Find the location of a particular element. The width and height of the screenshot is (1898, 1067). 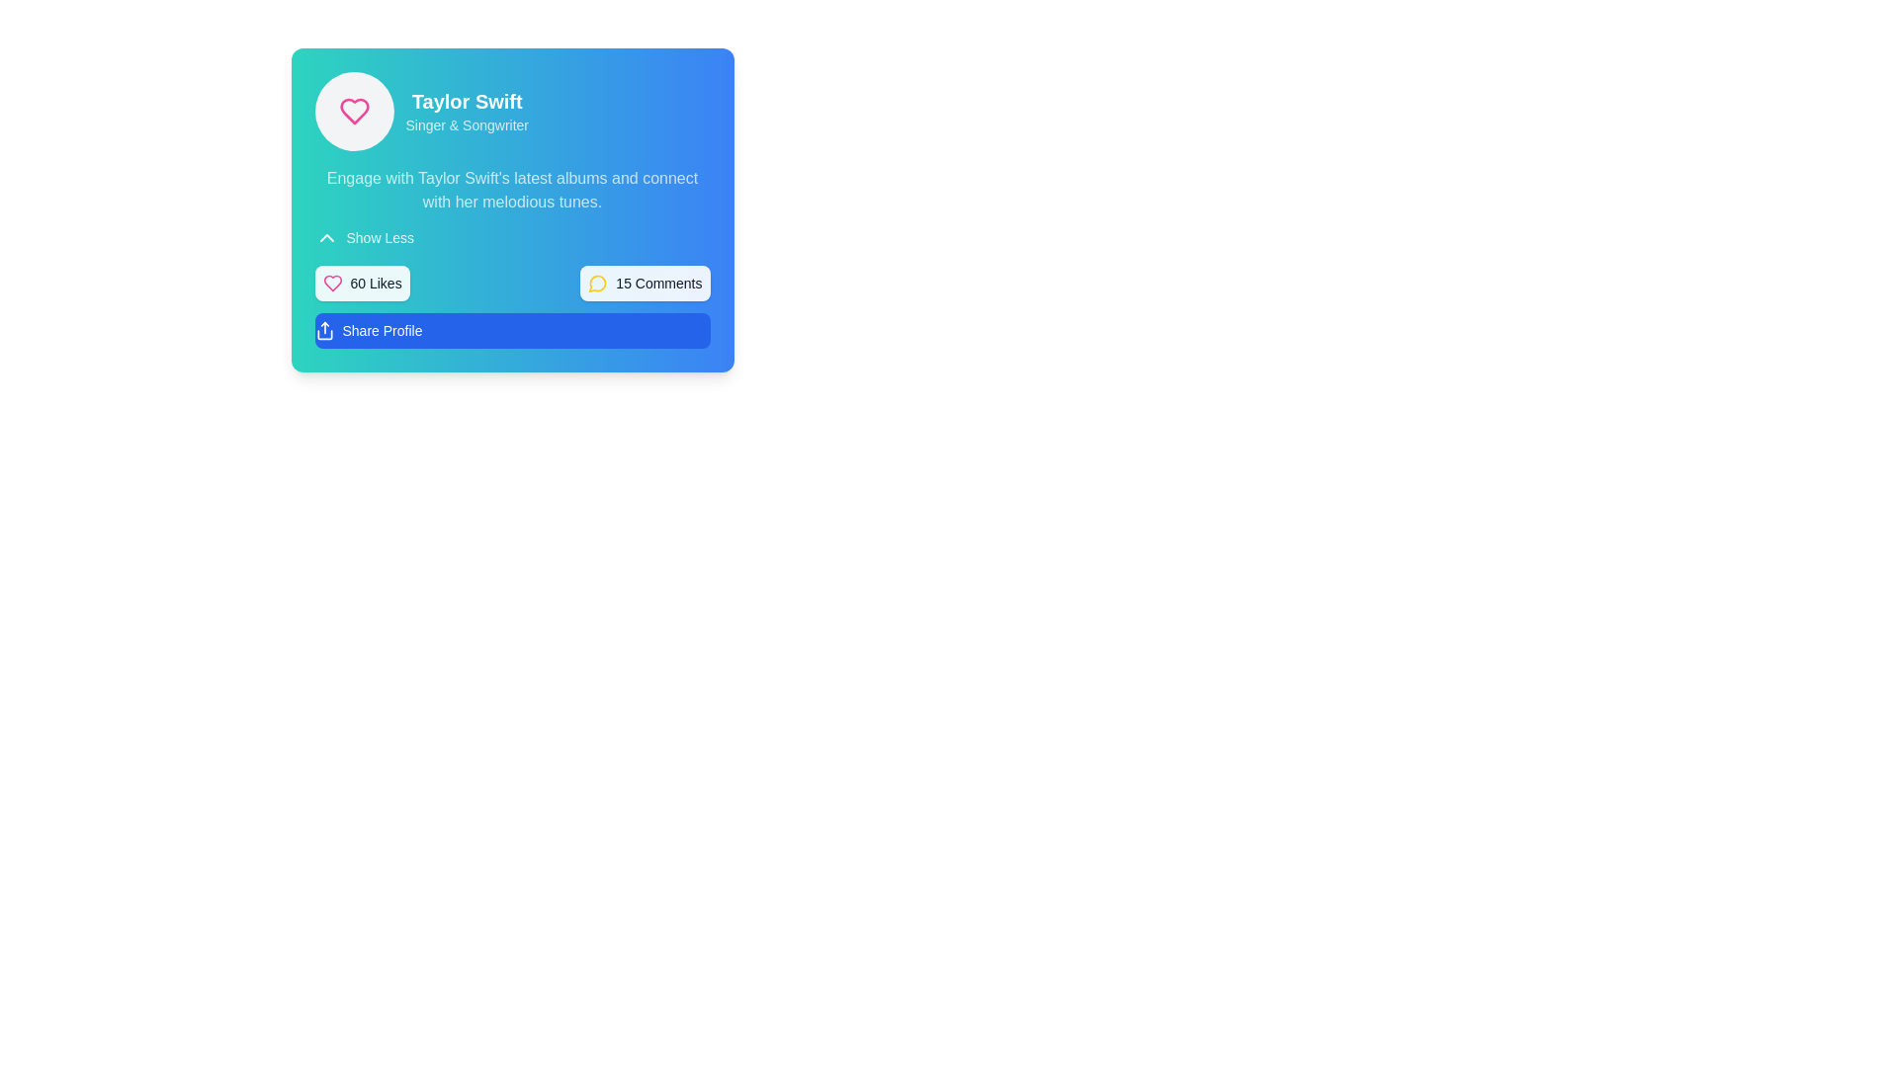

the heart icon located to the left of the '60 Likes' text is located at coordinates (332, 283).